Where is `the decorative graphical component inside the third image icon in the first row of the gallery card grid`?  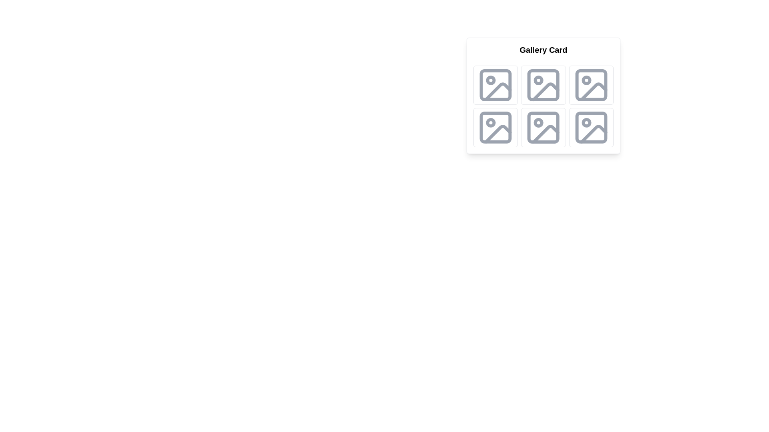
the decorative graphical component inside the third image icon in the first row of the gallery card grid is located at coordinates (546, 91).